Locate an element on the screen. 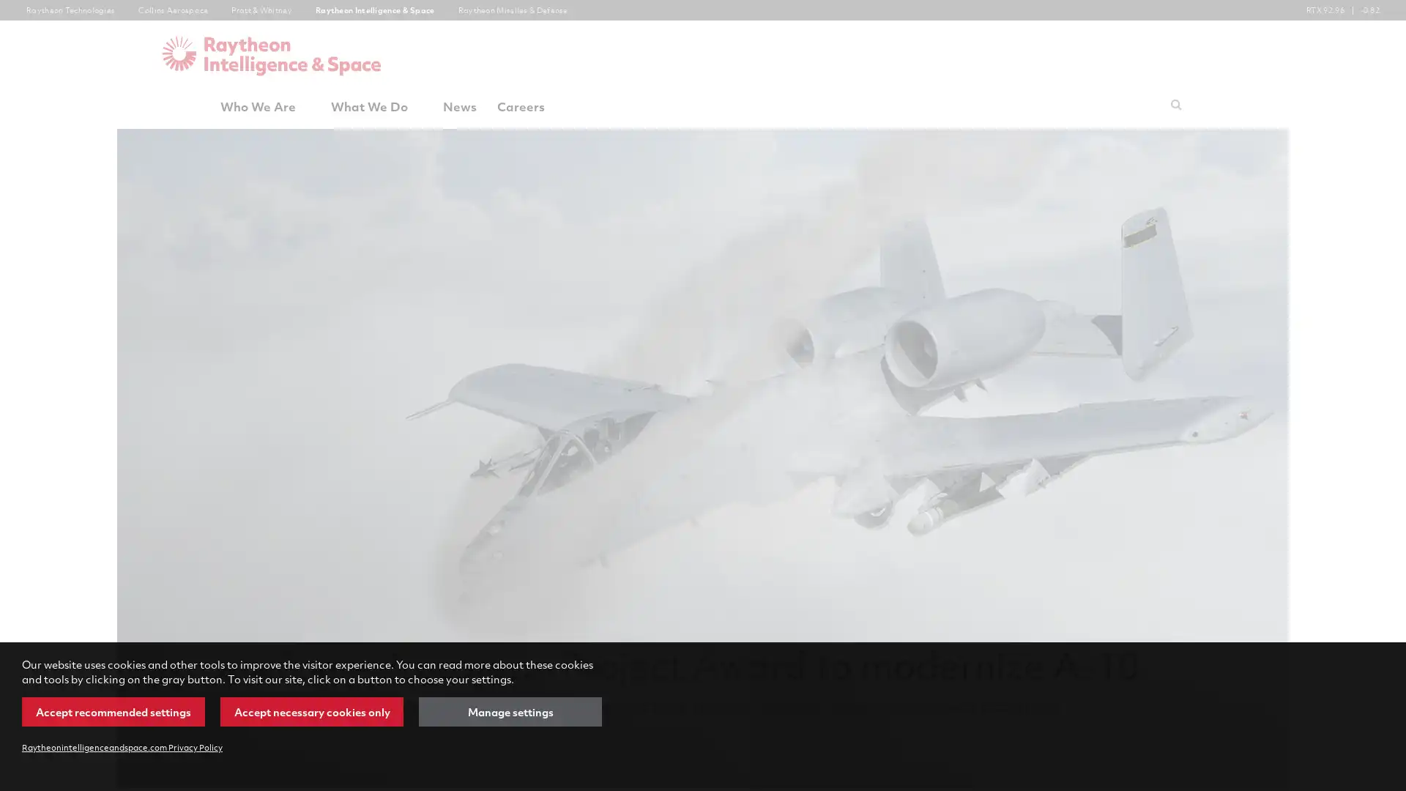 The height and width of the screenshot is (791, 1406). Submit search request is located at coordinates (1176, 103).